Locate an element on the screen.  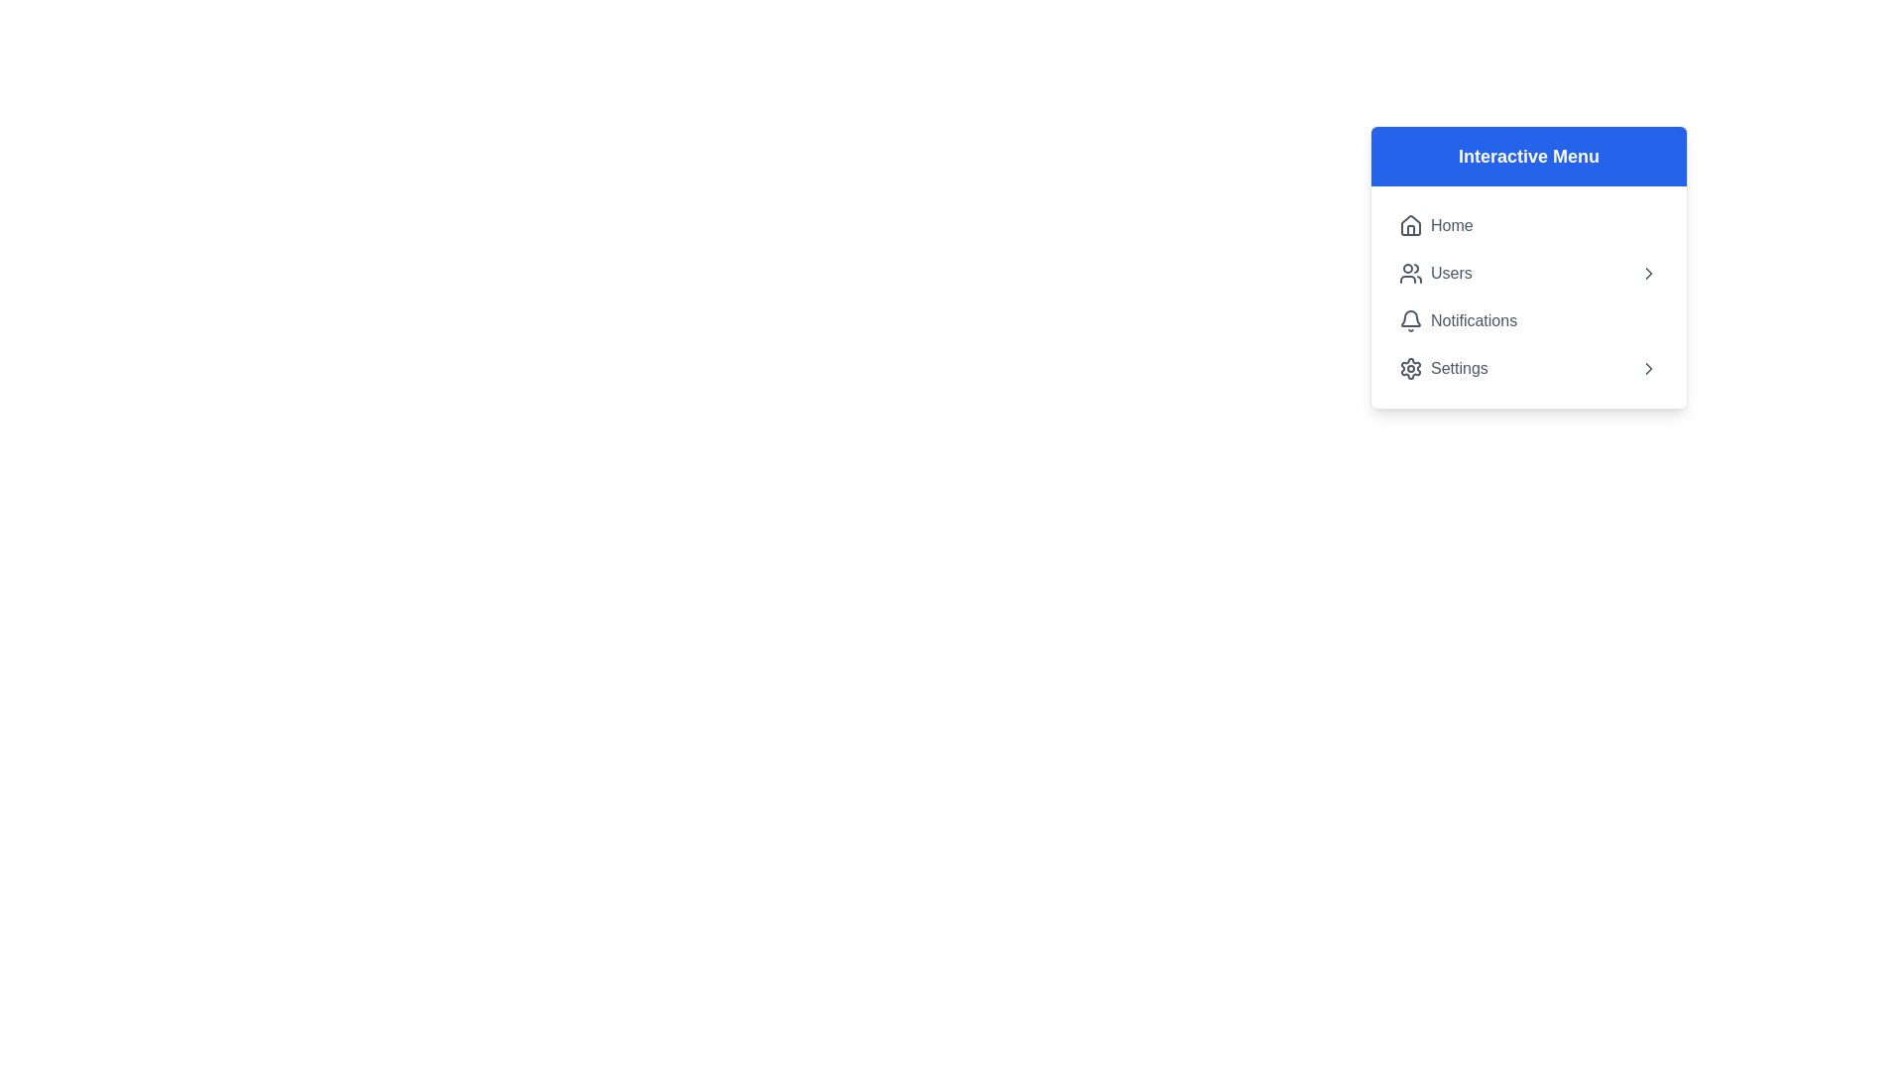
the 'Users' text with icon label is located at coordinates (1435, 274).